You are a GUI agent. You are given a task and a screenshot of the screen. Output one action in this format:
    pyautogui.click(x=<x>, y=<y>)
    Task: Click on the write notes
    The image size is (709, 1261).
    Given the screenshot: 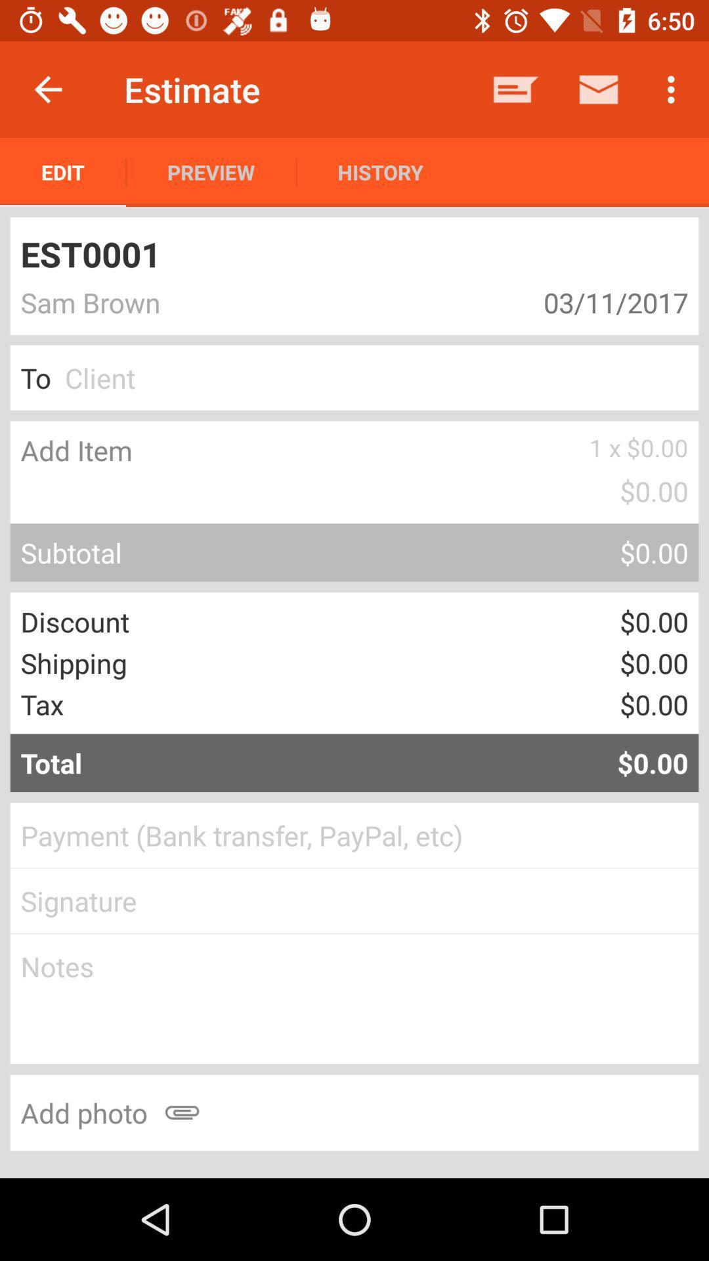 What is the action you would take?
    pyautogui.click(x=354, y=998)
    